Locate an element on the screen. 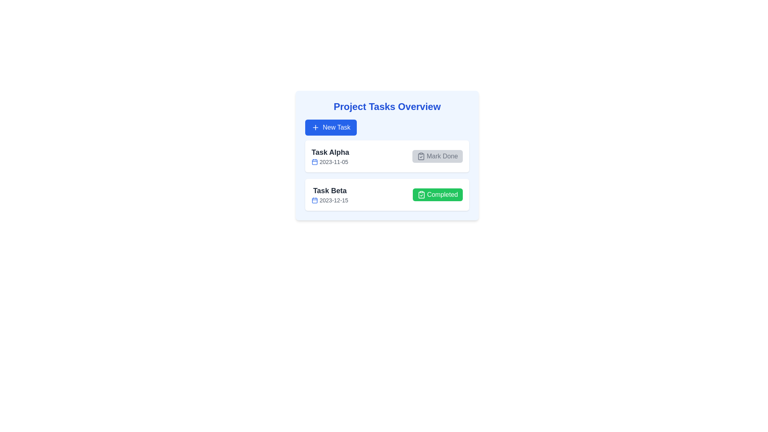 Image resolution: width=768 pixels, height=432 pixels. the 'Create New Task' button located at the top-left corner of the 'Project Tasks Overview' card to change its visual state is located at coordinates (331, 127).